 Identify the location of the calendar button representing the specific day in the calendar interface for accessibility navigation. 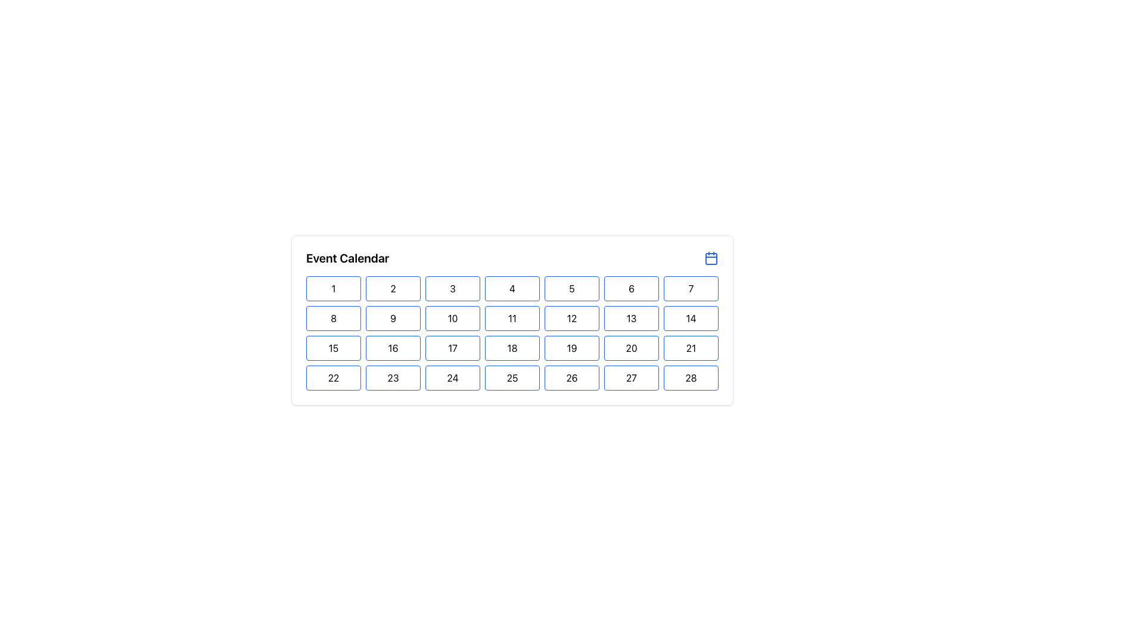
(512, 348).